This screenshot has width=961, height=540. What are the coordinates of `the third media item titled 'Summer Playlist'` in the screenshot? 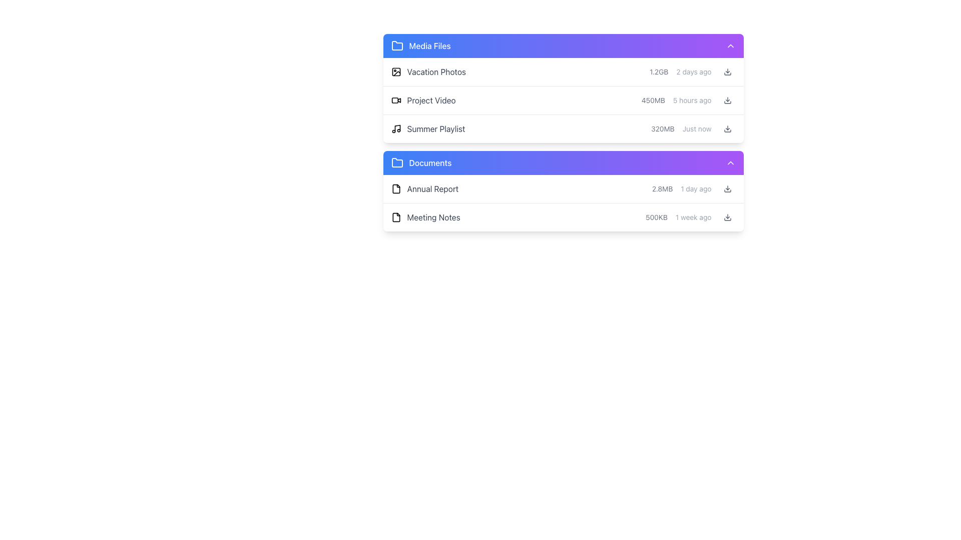 It's located at (563, 132).